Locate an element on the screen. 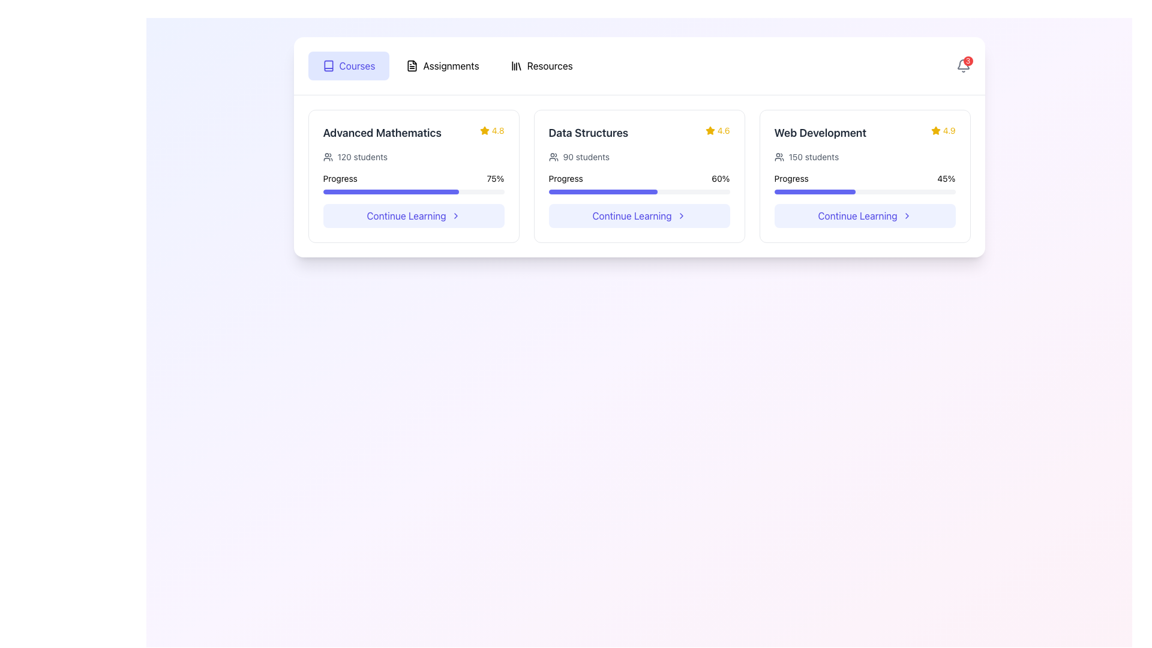  the title 'Web Development' is located at coordinates (865, 133).